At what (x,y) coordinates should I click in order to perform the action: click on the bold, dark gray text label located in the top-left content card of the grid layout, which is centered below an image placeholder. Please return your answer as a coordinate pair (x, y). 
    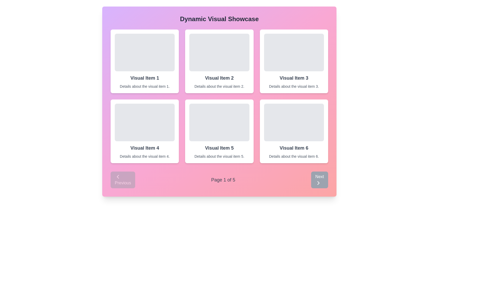
    Looking at the image, I should click on (145, 78).